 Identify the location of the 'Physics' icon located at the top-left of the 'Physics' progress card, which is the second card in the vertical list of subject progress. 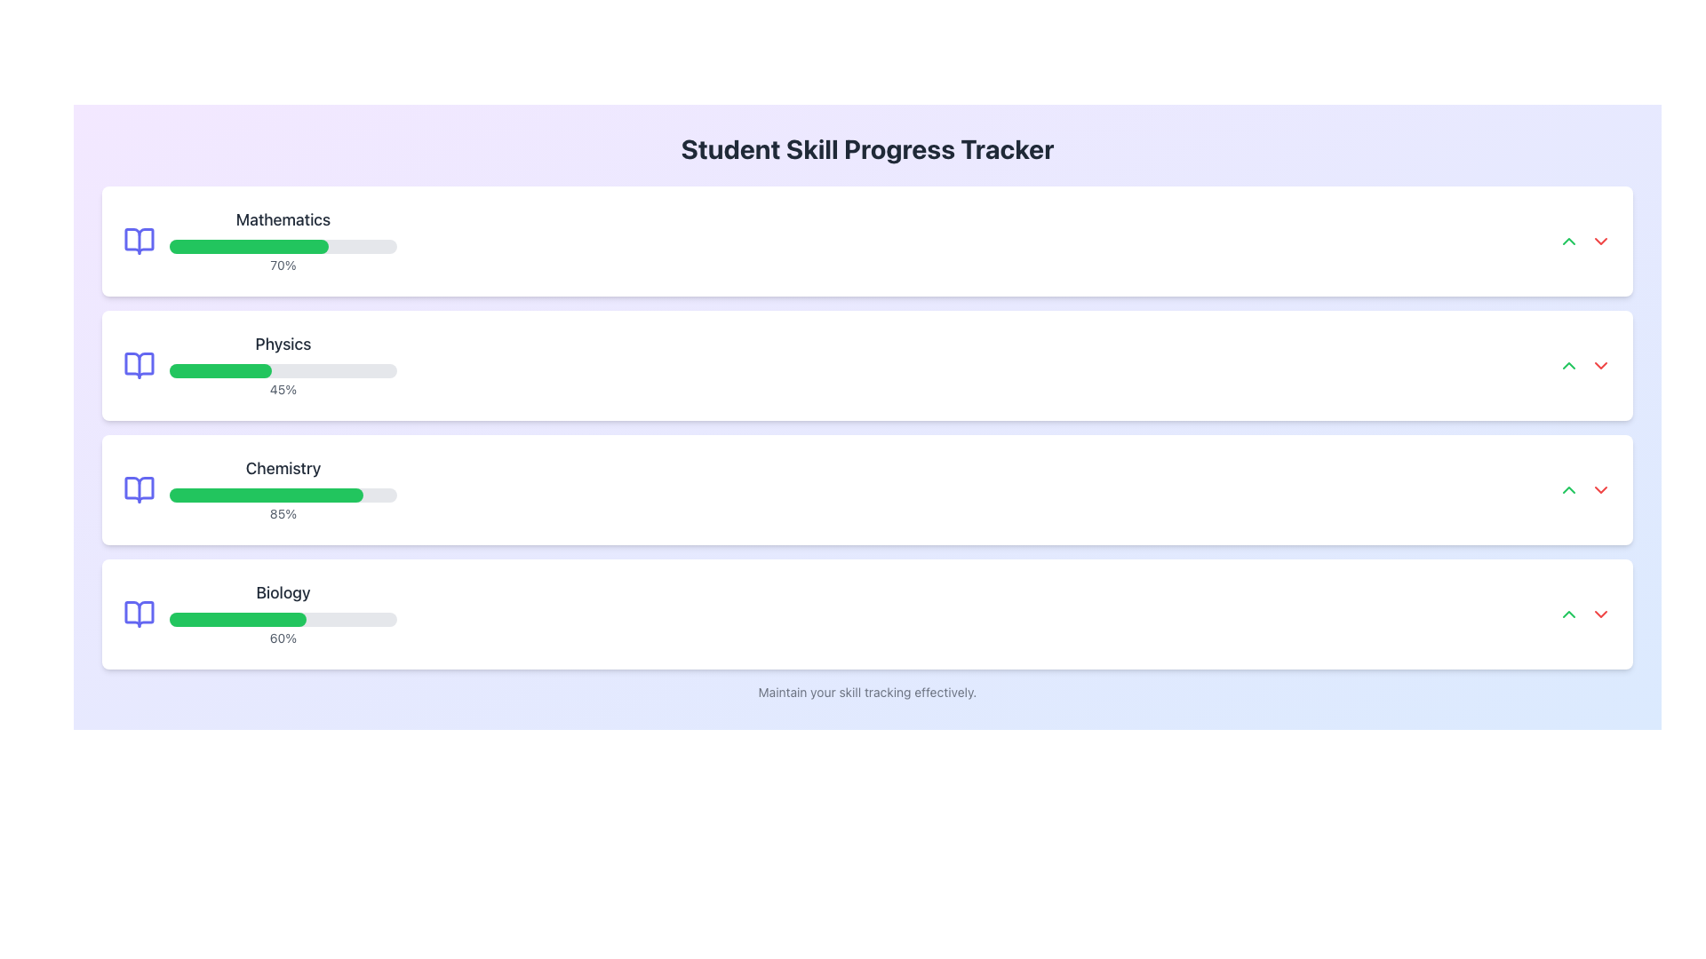
(139, 365).